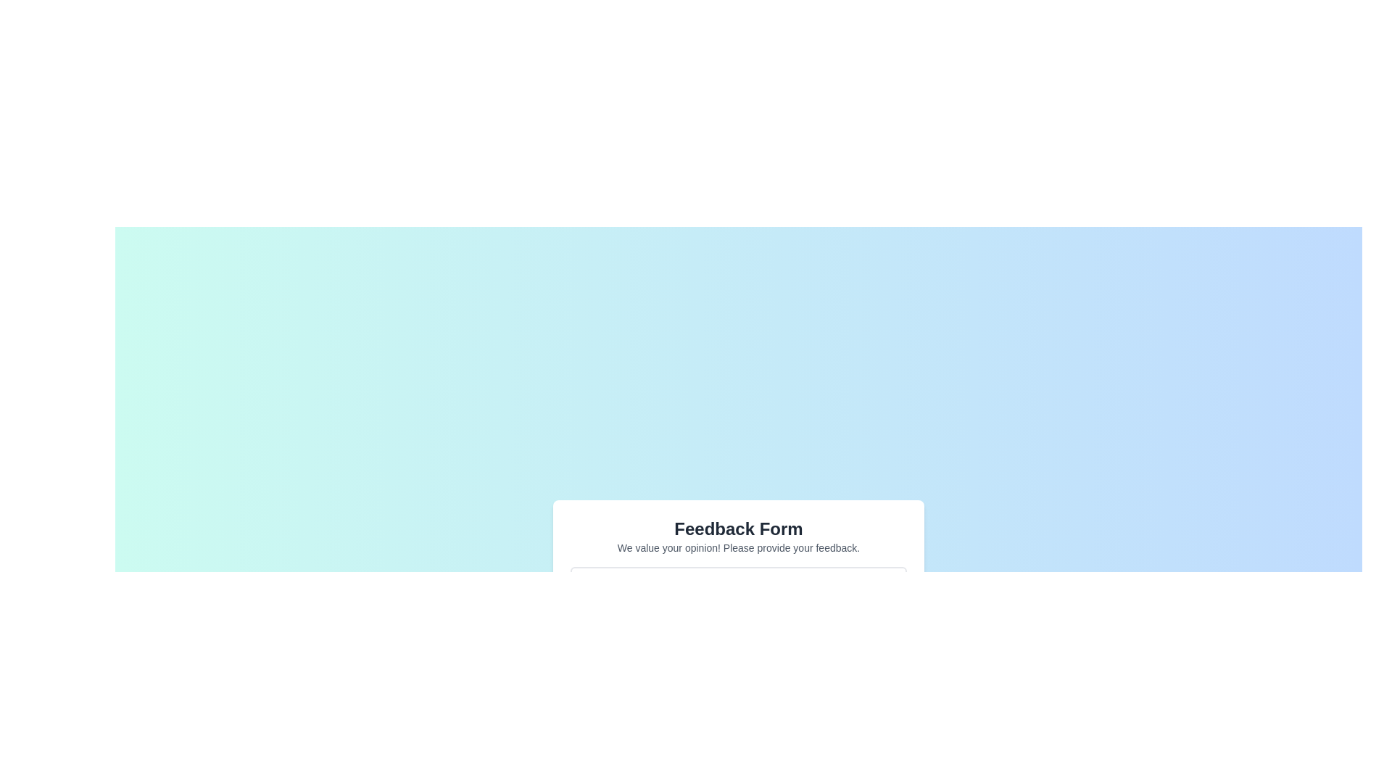  Describe the element at coordinates (738, 529) in the screenshot. I see `text heading element styled in a large bold font that states 'Feedback Form', located at the top center of the feedback section` at that location.